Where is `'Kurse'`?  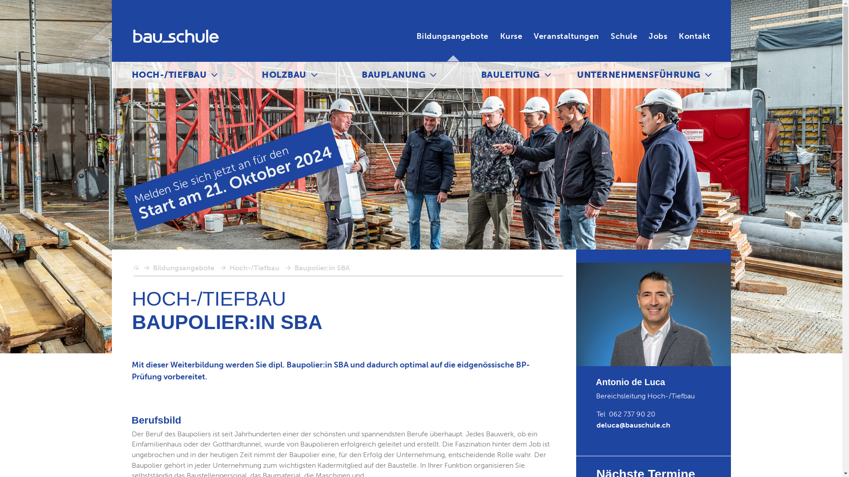 'Kurse' is located at coordinates (511, 36).